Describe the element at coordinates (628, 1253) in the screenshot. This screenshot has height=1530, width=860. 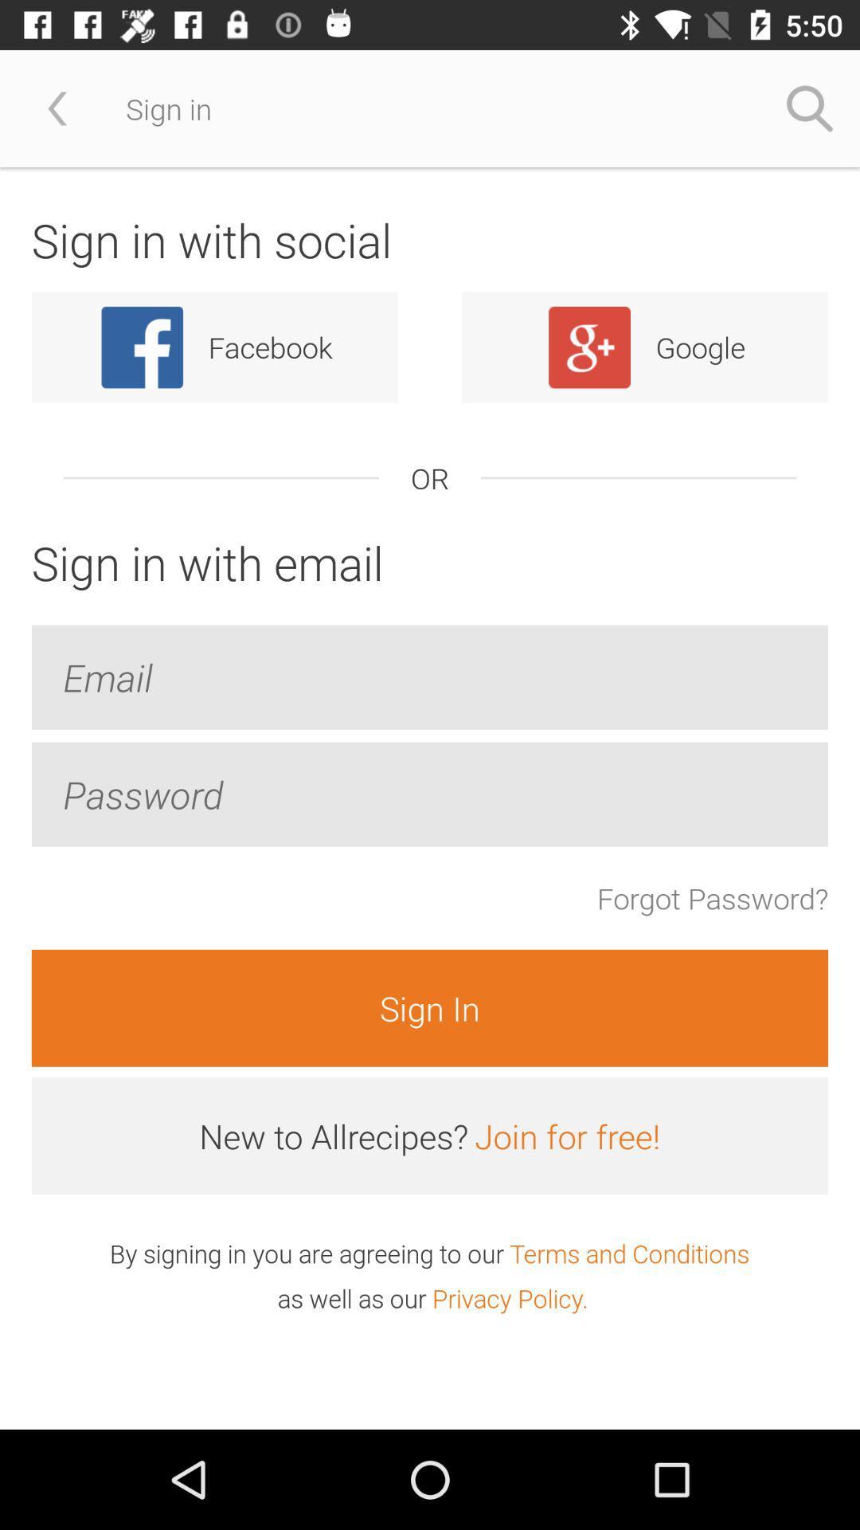
I see `the terms and conditions` at that location.